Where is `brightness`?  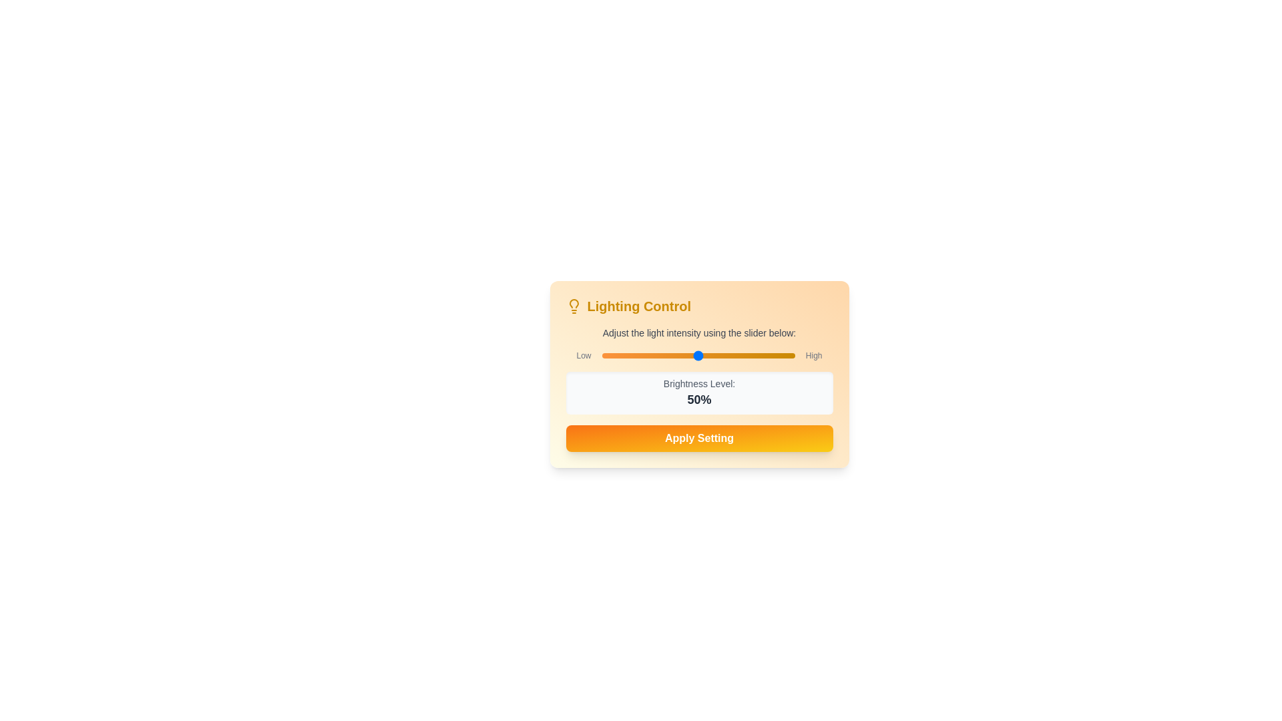 brightness is located at coordinates (644, 354).